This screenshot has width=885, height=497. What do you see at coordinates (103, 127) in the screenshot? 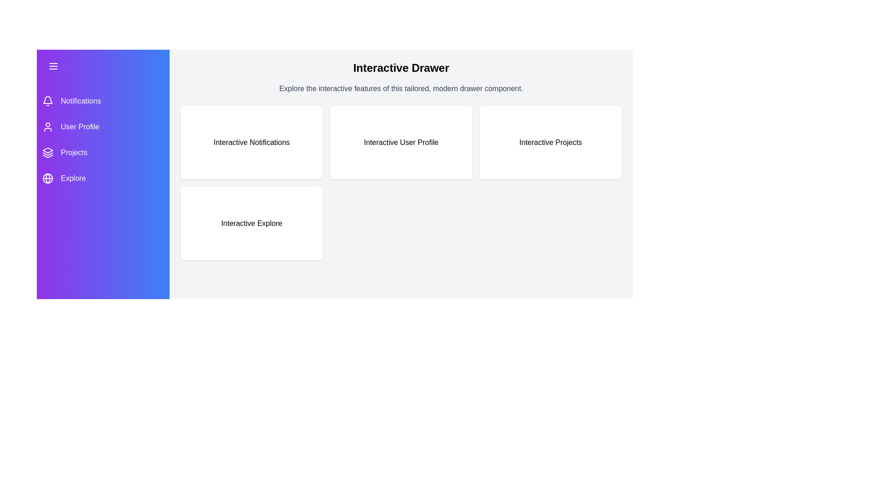
I see `the menu item User Profile` at bounding box center [103, 127].